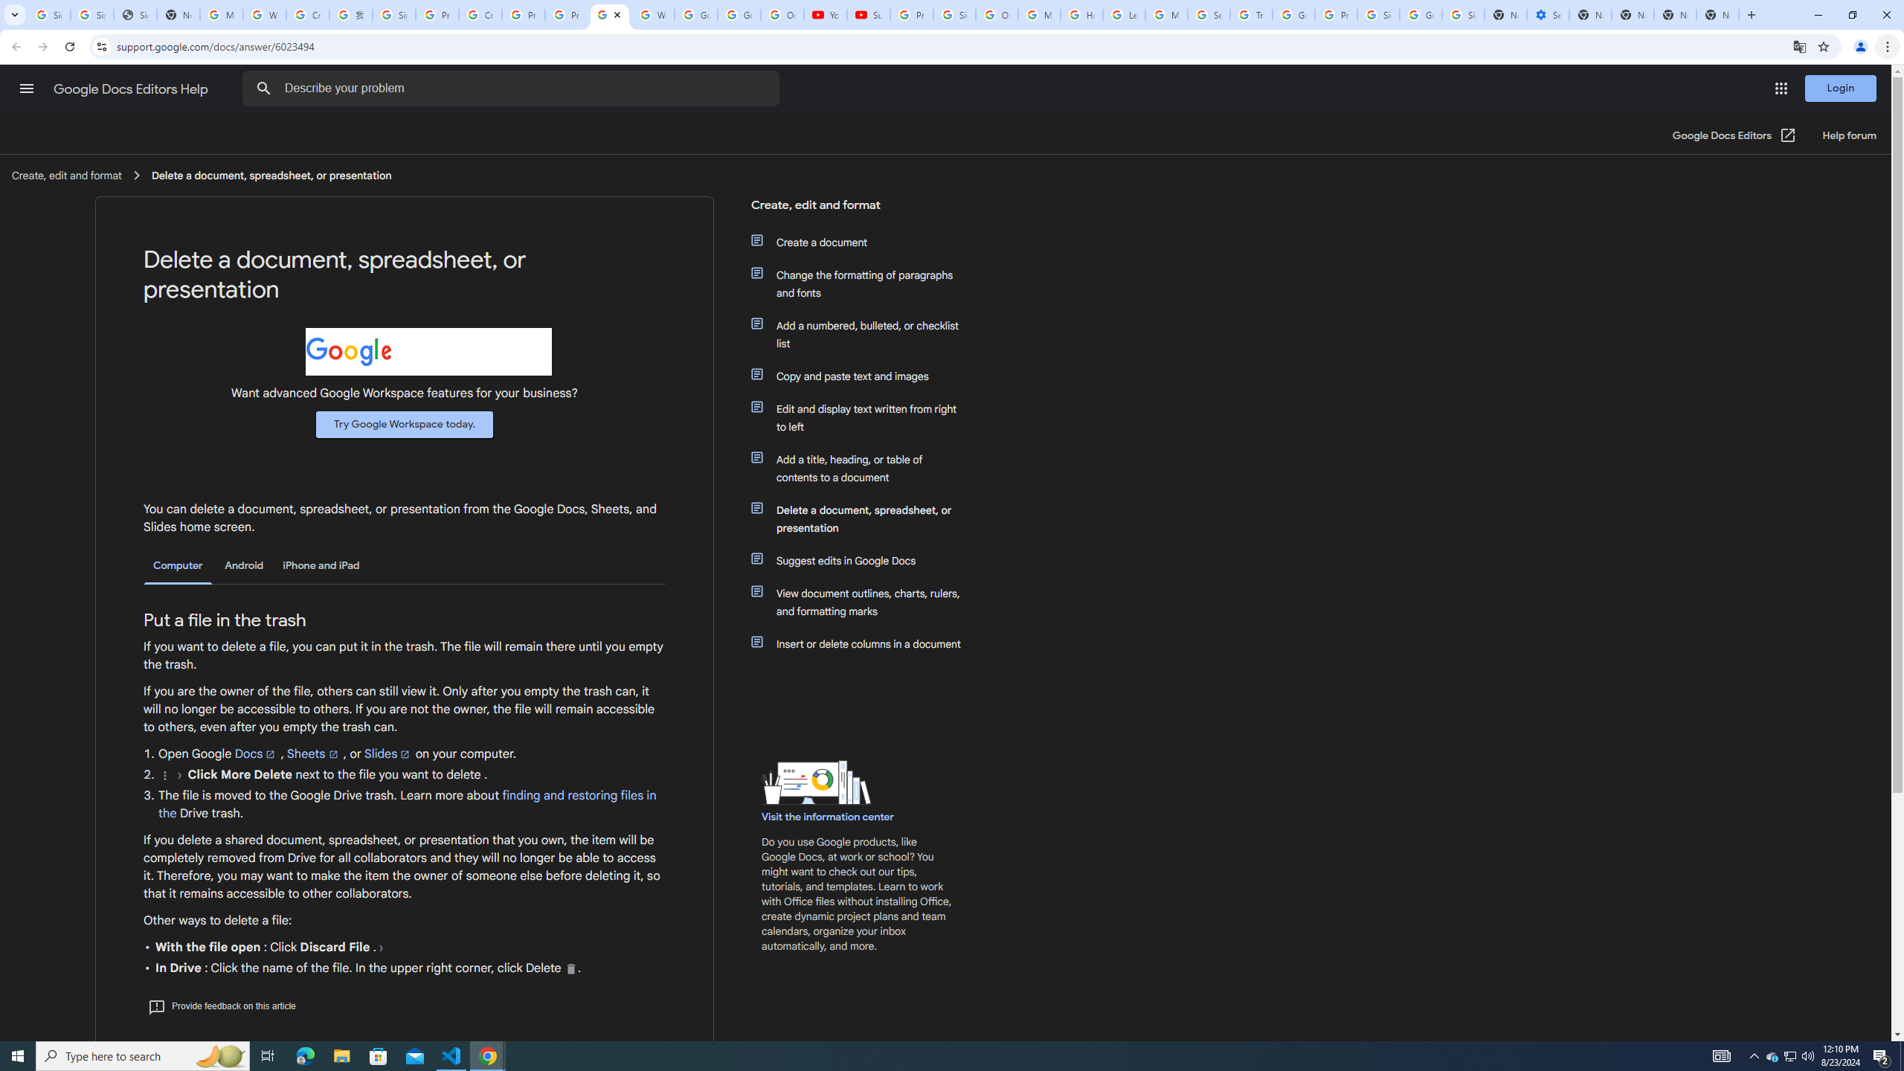 Image resolution: width=1904 pixels, height=1071 pixels. What do you see at coordinates (864, 334) in the screenshot?
I see `'Add a numbered, bulleted, or checklist list'` at bounding box center [864, 334].